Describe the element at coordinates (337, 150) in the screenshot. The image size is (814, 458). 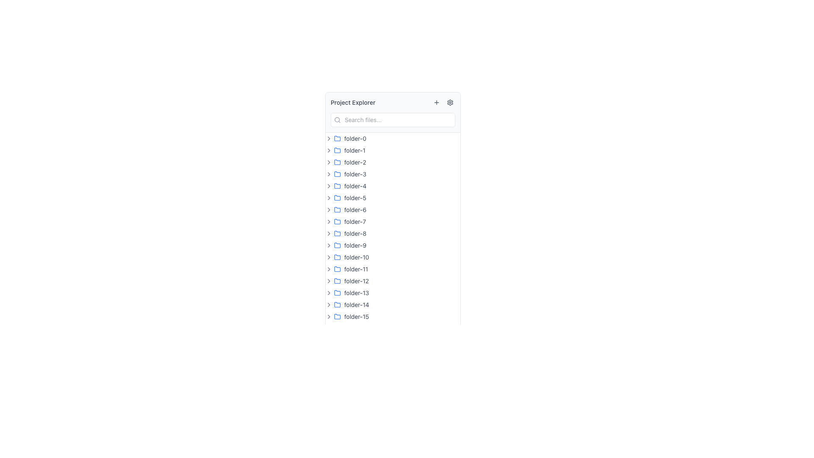
I see `the blue folder icon labeled 'folder-1'` at that location.